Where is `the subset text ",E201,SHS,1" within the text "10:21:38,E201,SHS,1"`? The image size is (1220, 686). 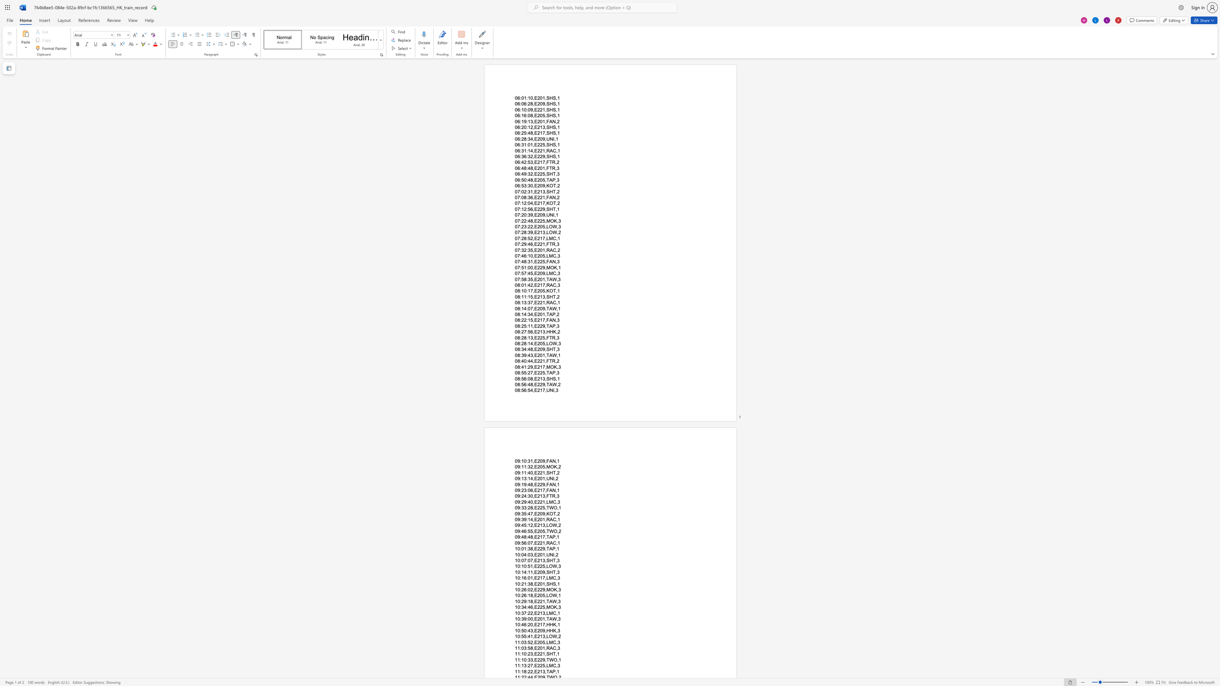 the subset text ",E201,SHS,1" within the text "10:21:38,E201,SHS,1" is located at coordinates (532, 583).